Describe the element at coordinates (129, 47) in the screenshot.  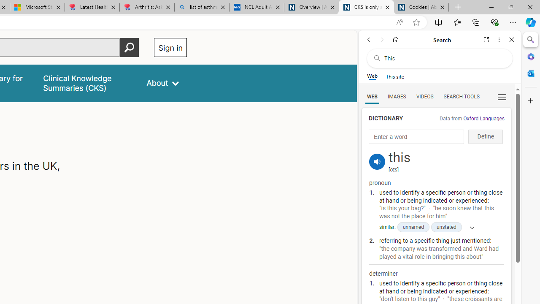
I see `'Perform search'` at that location.